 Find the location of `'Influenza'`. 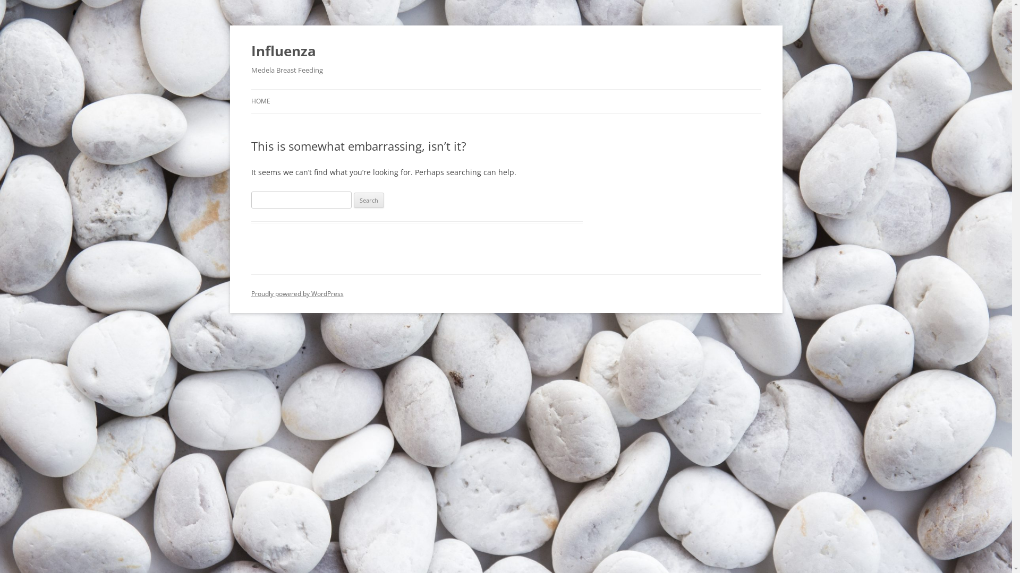

'Influenza' is located at coordinates (250, 51).